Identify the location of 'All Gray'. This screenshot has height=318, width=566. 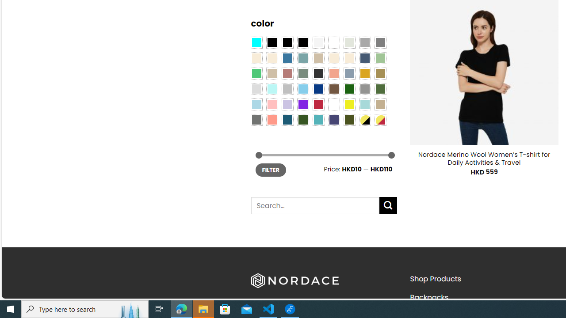
(380, 42).